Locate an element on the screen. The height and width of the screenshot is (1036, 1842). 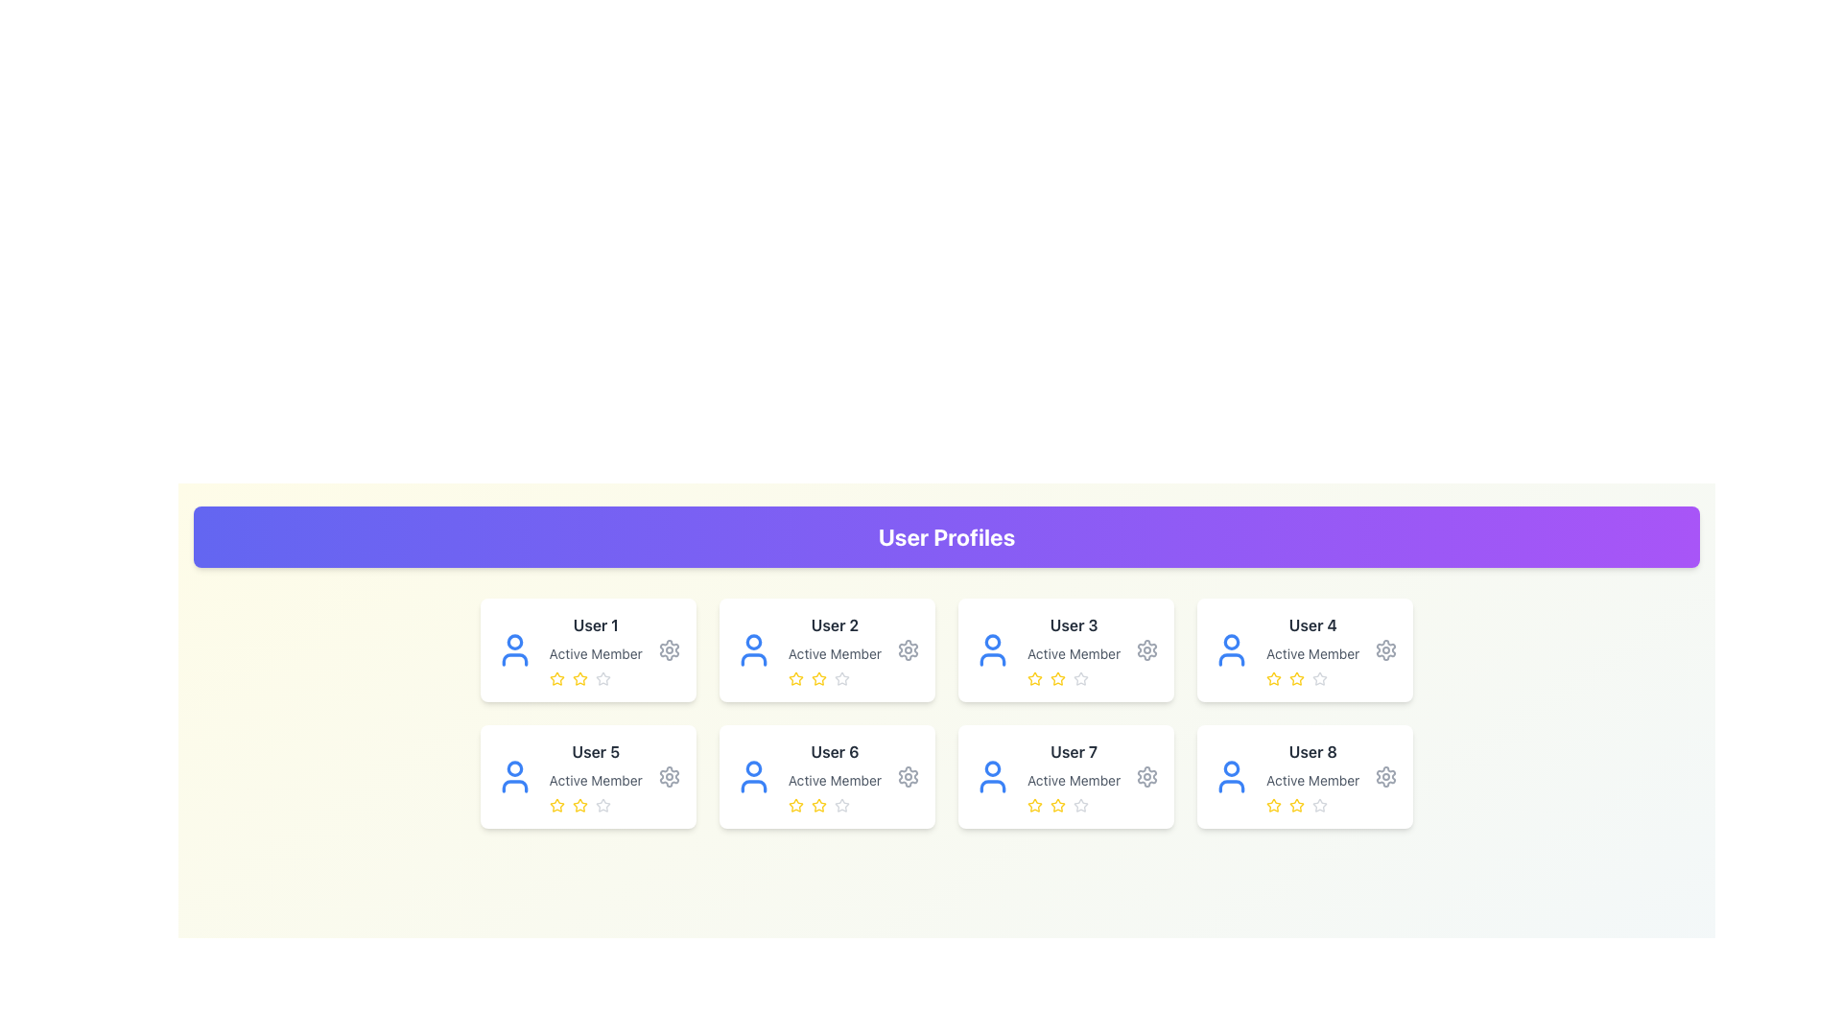
the highlighted yellow star icon in the rating section of 'User 6's profile card is located at coordinates (818, 805).